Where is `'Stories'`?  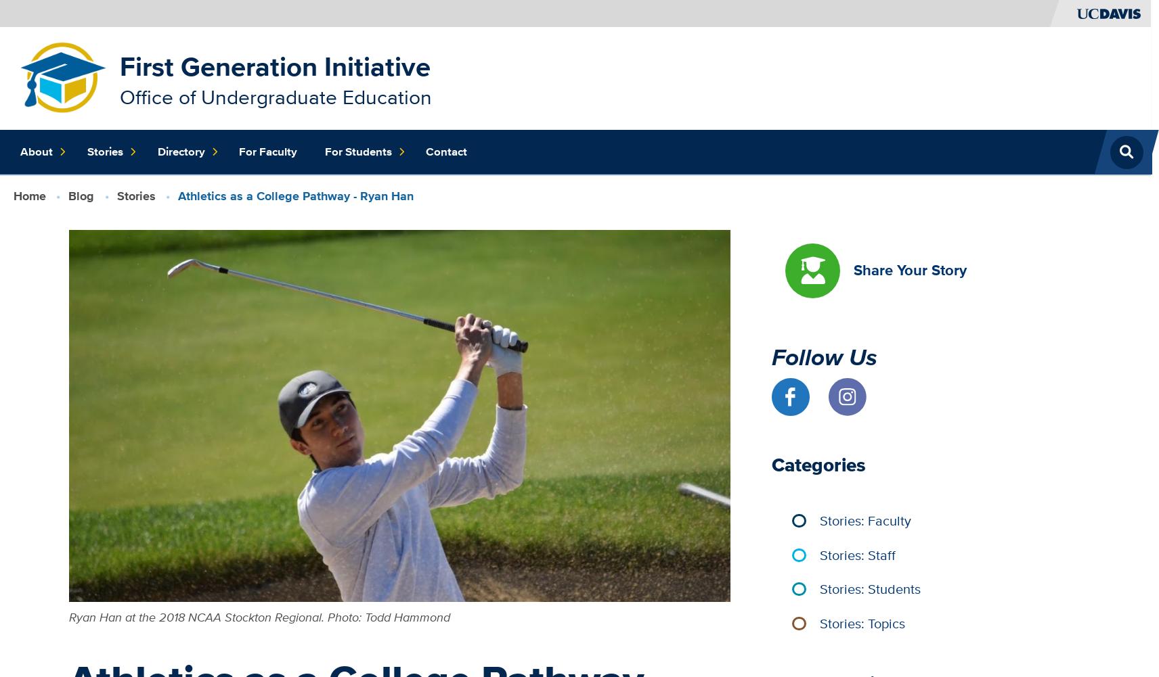 'Stories' is located at coordinates (135, 195).